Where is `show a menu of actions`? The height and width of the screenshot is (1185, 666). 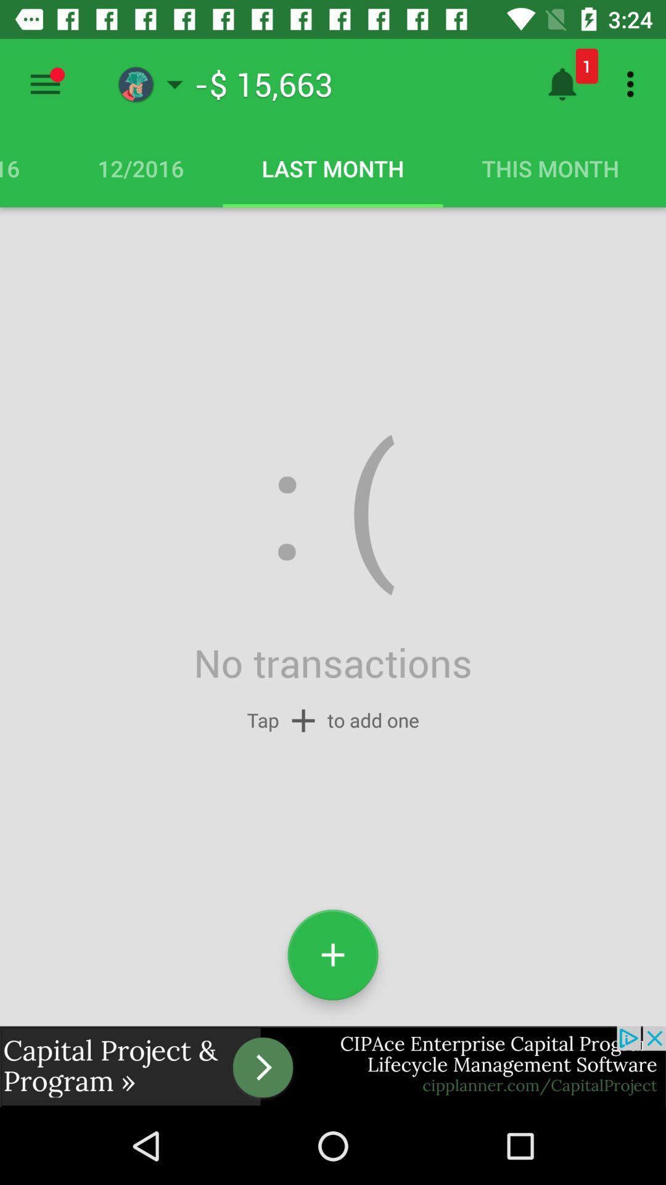 show a menu of actions is located at coordinates (44, 83).